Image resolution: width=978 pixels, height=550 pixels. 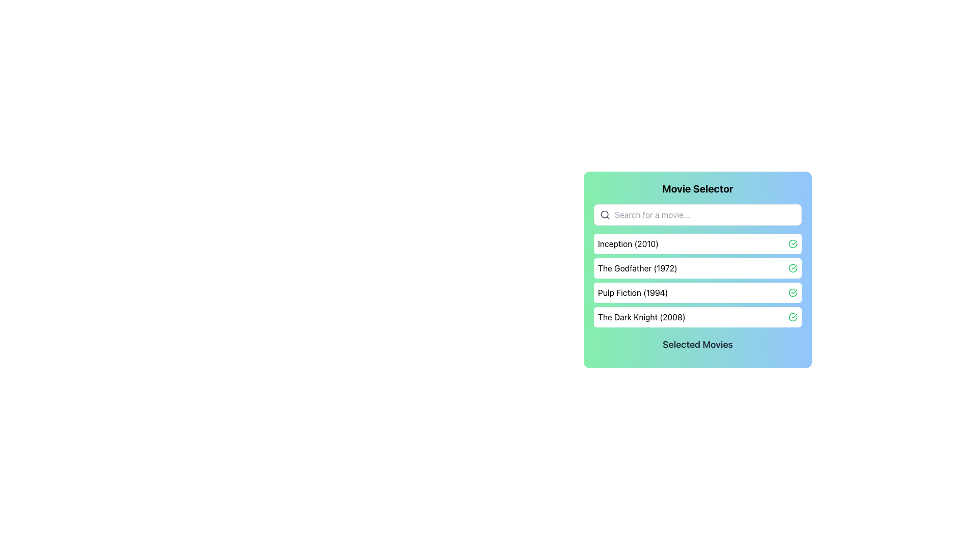 I want to click on the green circle icon with a checkmark inside, indicating a completed state, located in the row for 'Inception (2010)' in the movie list, so click(x=792, y=243).